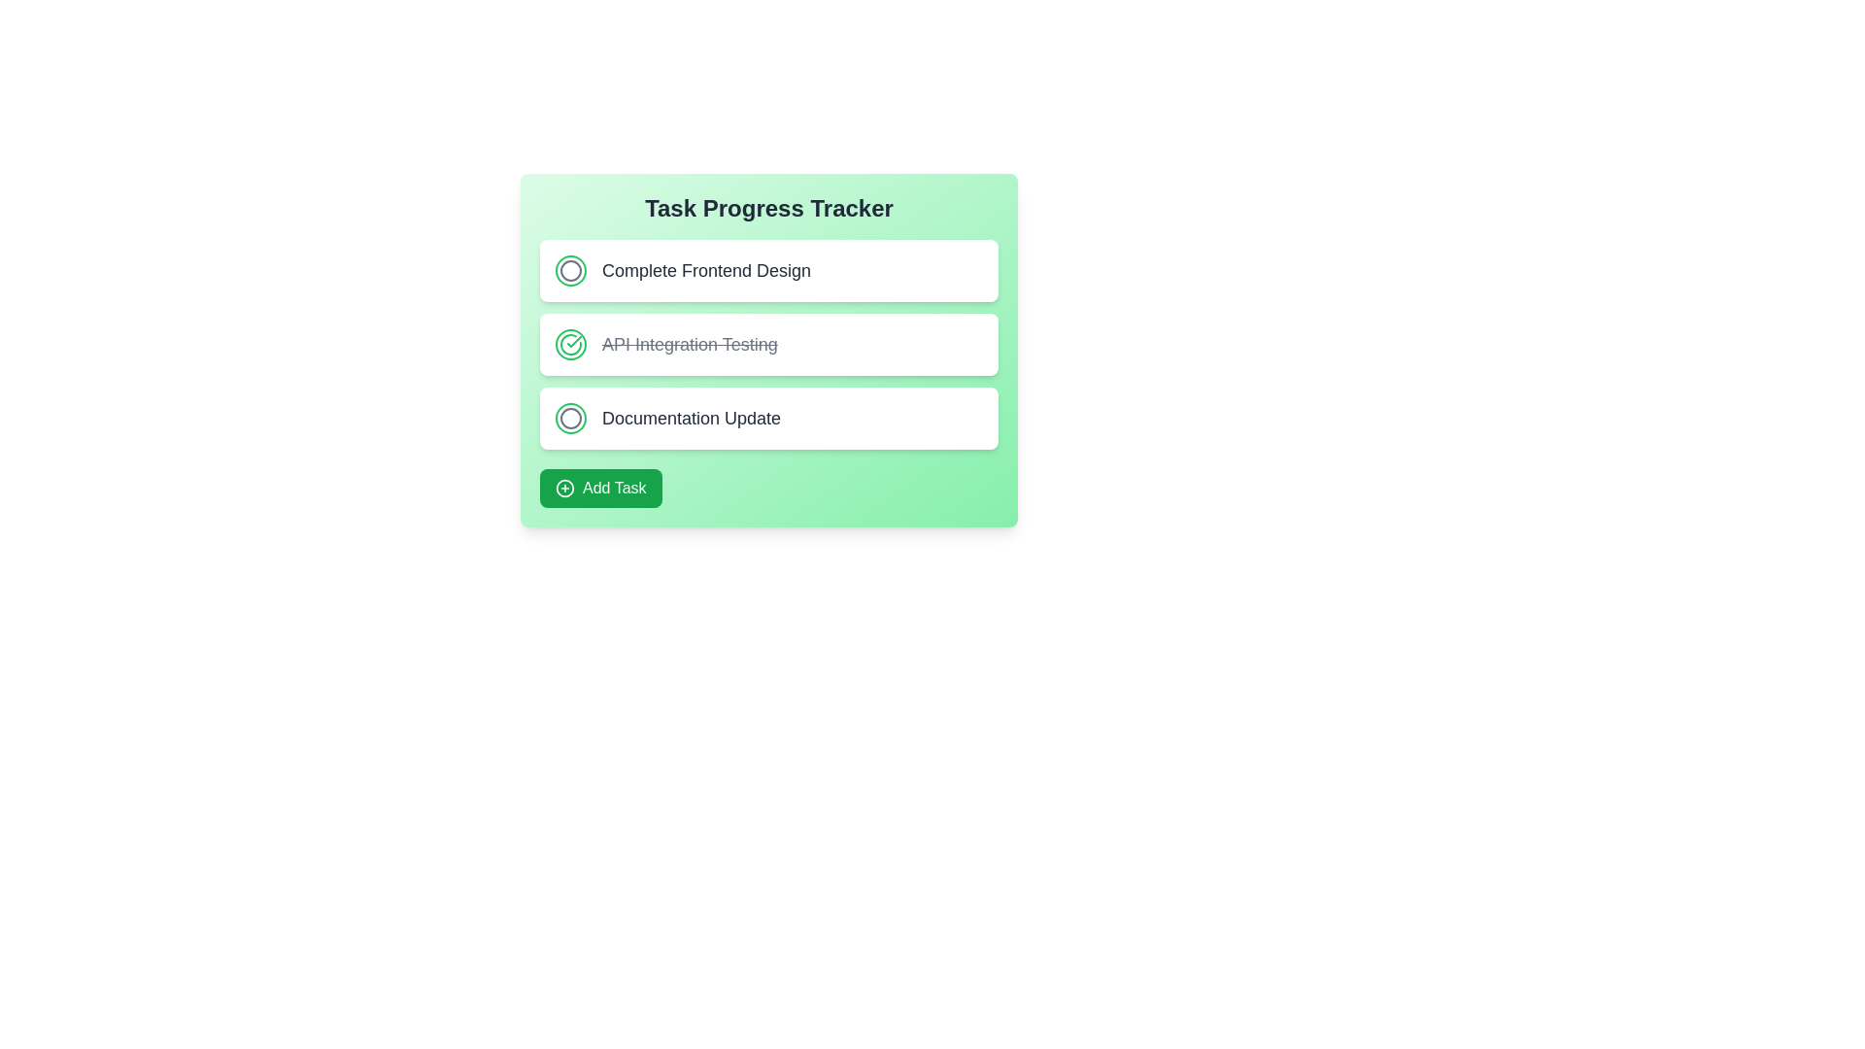  I want to click on the 'Add Task' button to initiate the task addition process, so click(599, 487).